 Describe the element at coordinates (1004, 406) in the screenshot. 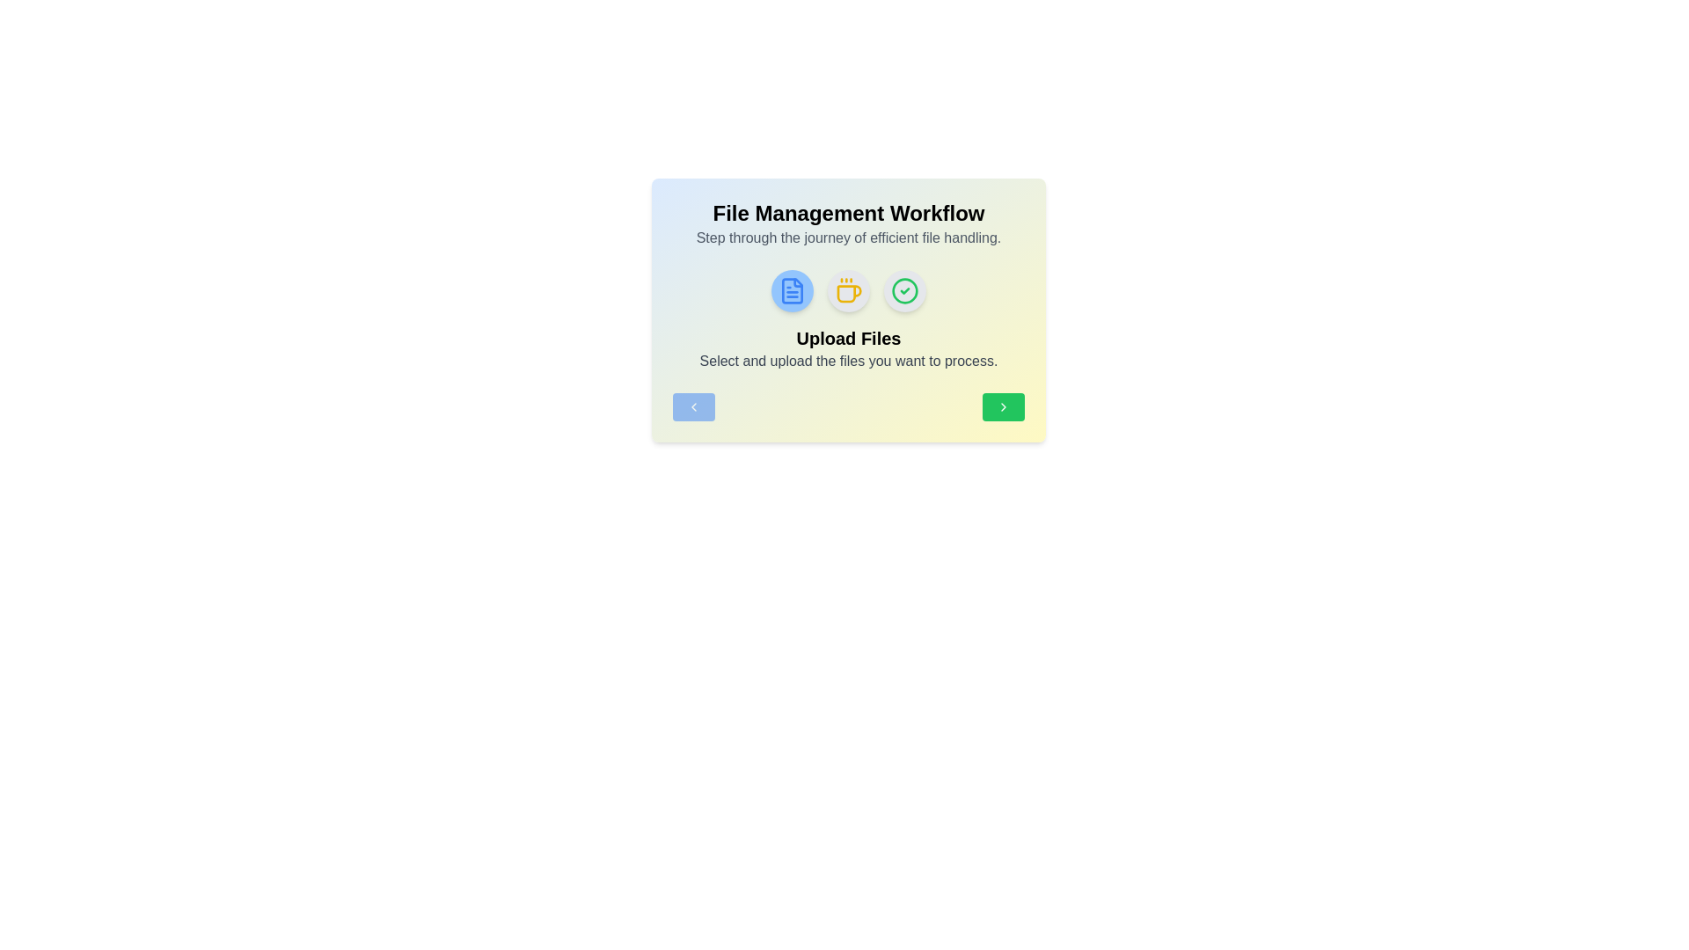

I see `navigation button to move to the next step` at that location.